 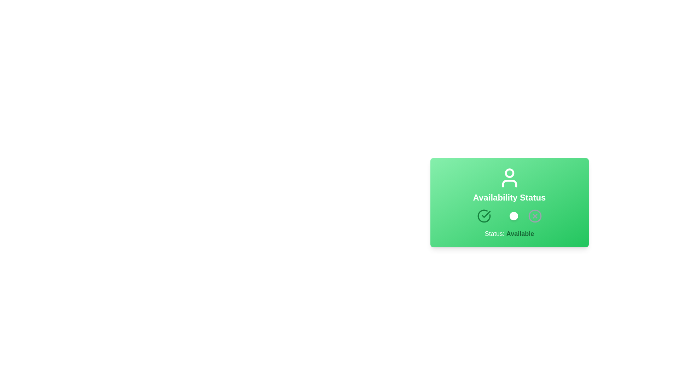 I want to click on the 'Available' text label, which is part of the phrase 'Status: Available' displayed in bold green font against a green background, so click(x=520, y=233).